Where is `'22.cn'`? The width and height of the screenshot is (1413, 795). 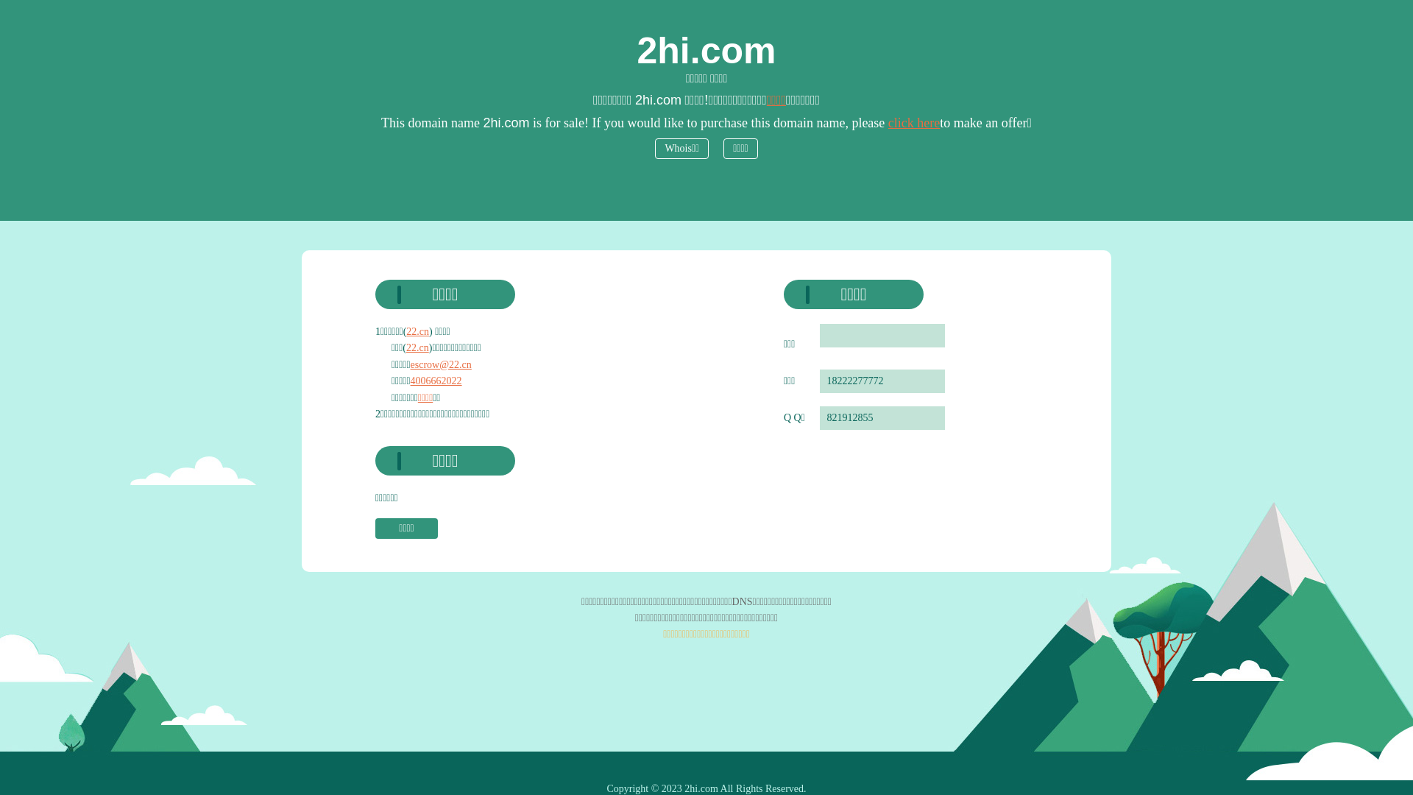
'22.cn' is located at coordinates (417, 331).